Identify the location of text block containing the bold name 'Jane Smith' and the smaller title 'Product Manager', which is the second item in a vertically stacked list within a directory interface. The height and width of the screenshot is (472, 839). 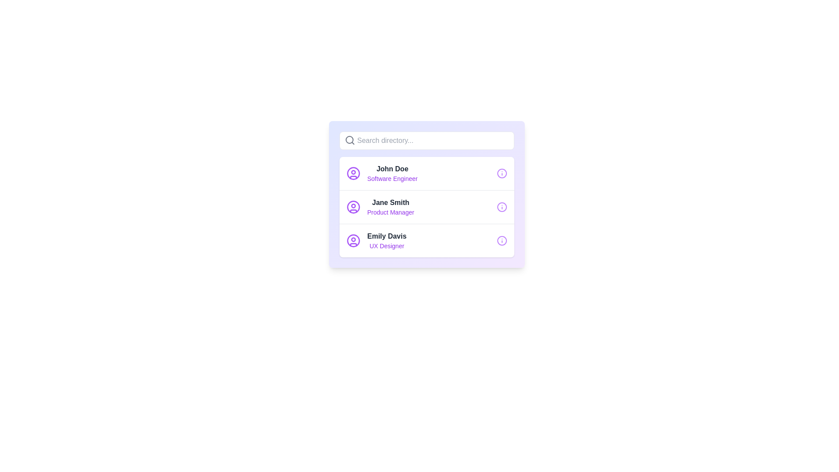
(390, 207).